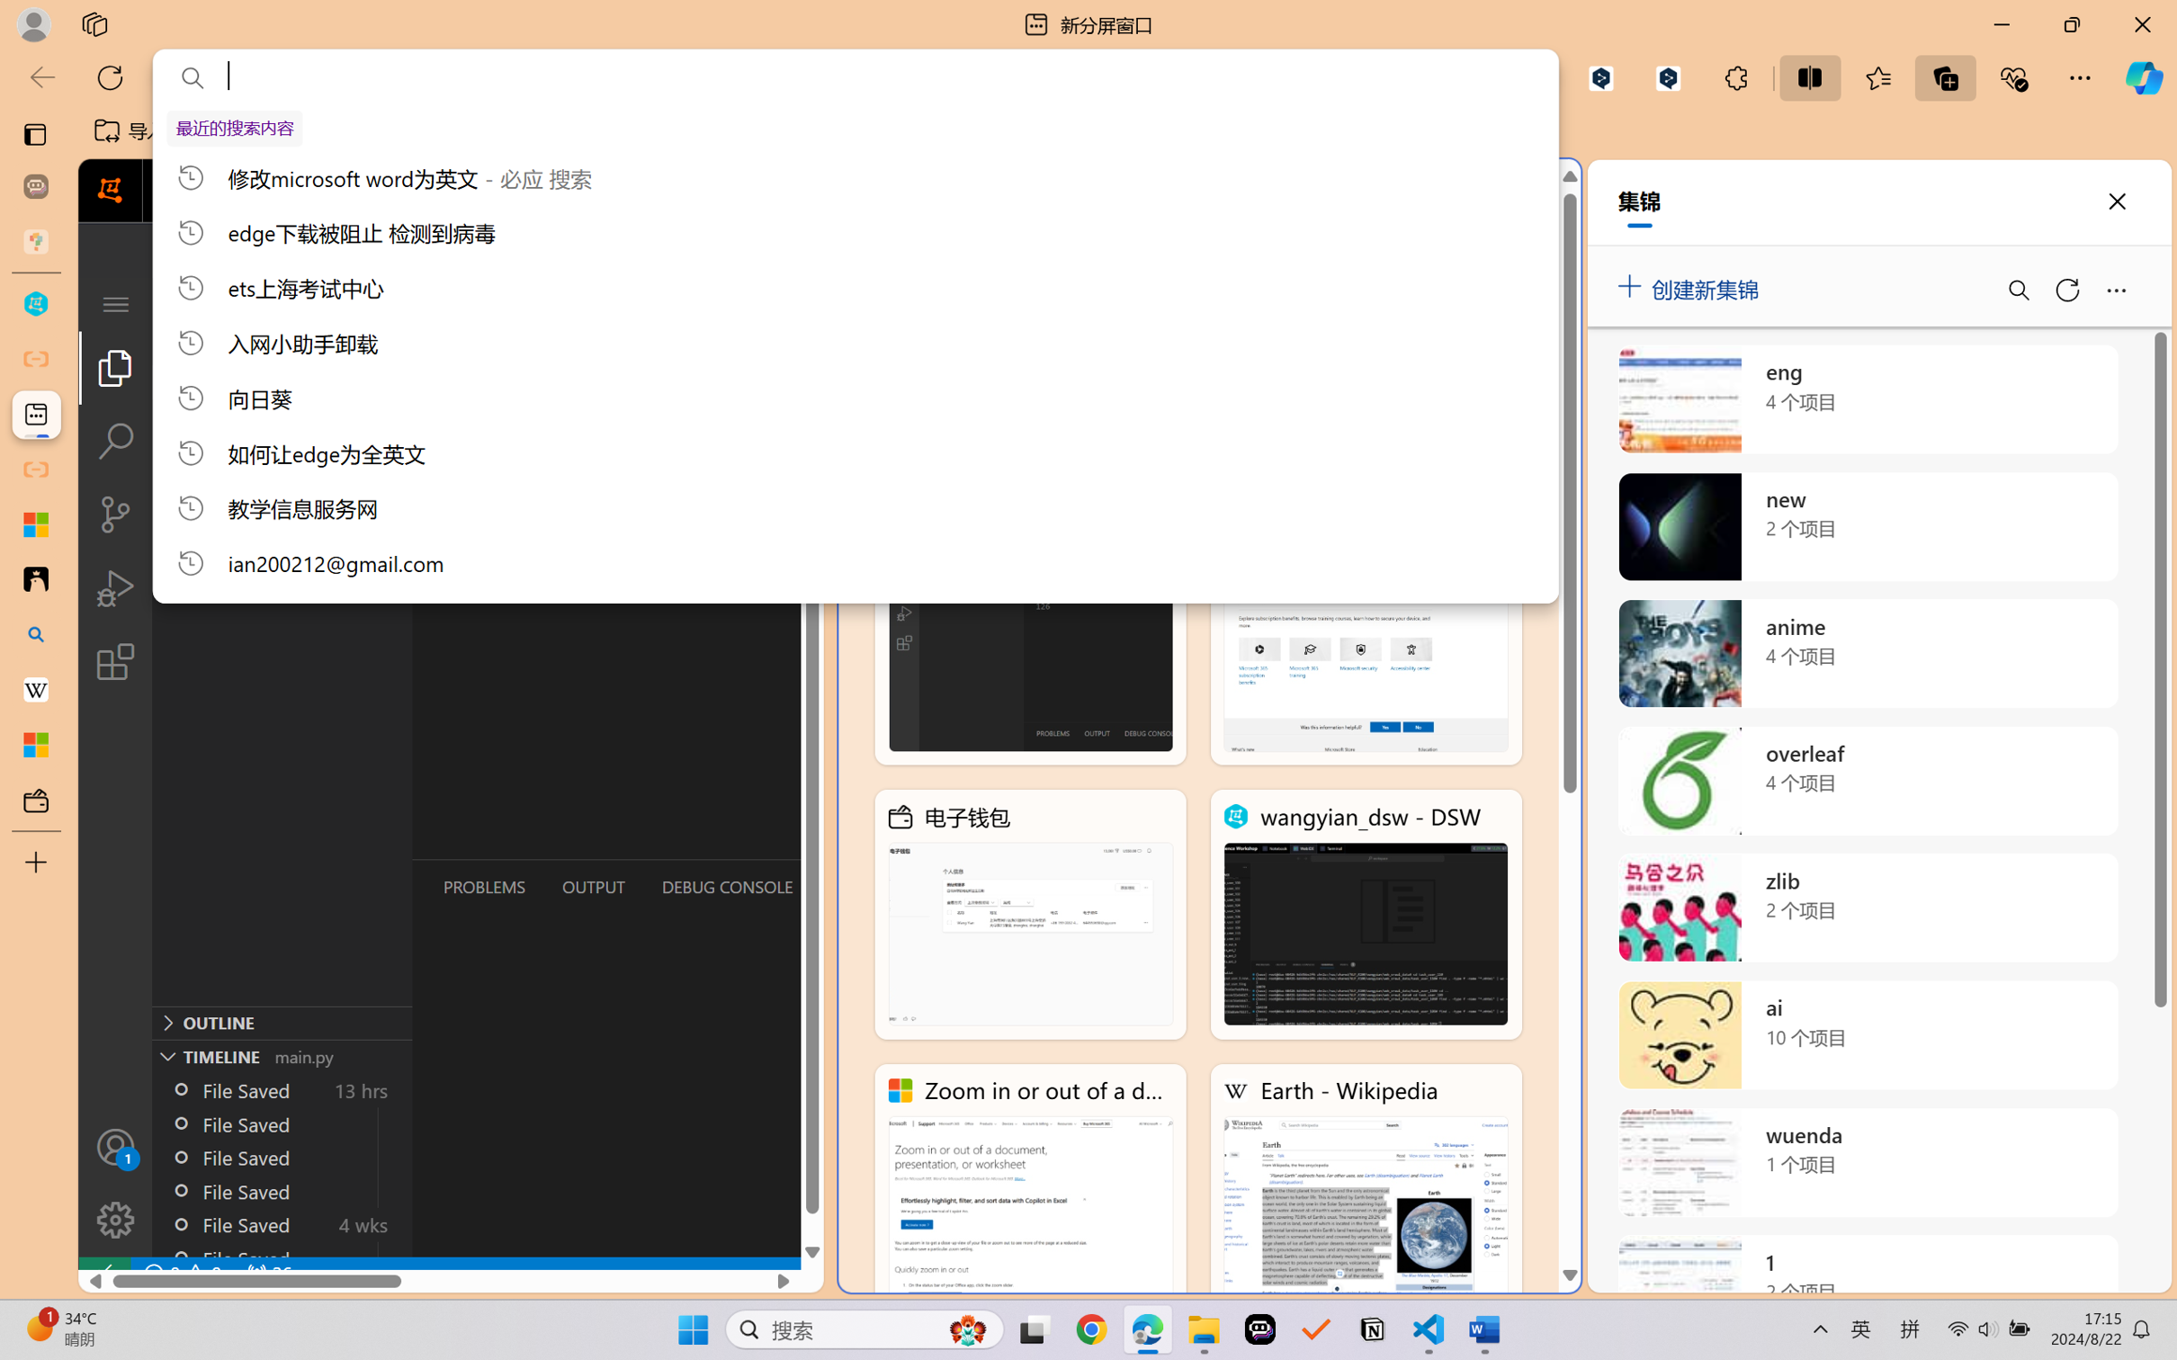 The width and height of the screenshot is (2177, 1360). What do you see at coordinates (114, 303) in the screenshot?
I see `'Class: menubar compact overflow-menu-only'` at bounding box center [114, 303].